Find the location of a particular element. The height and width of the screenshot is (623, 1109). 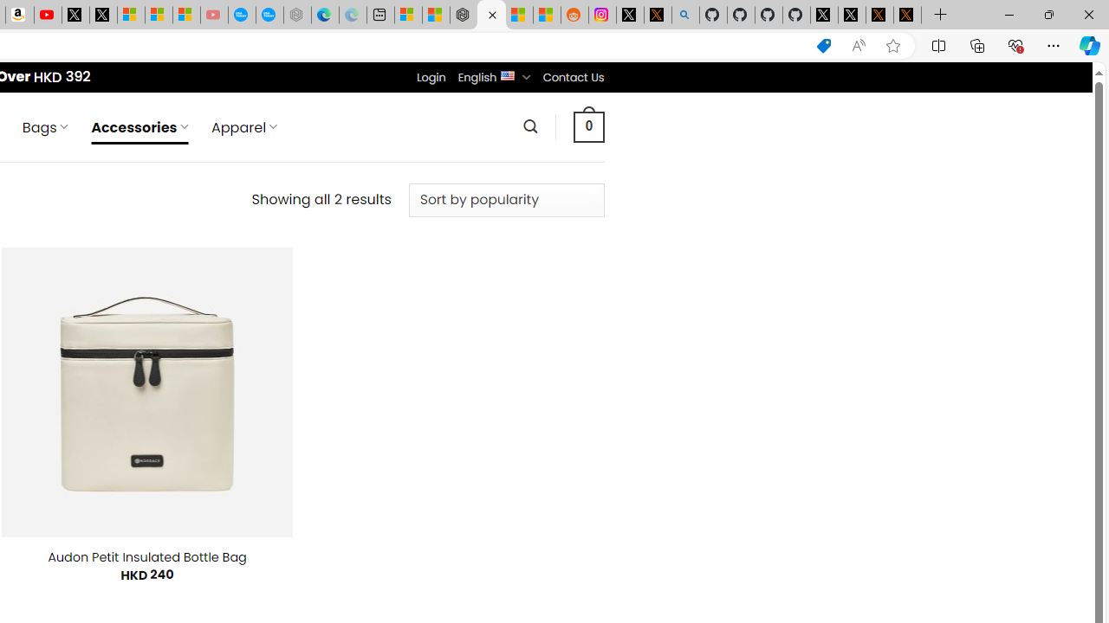

'English' is located at coordinates (507, 74).